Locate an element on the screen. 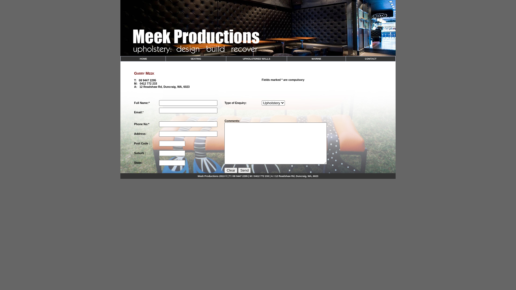  'Preferred method of contact' is located at coordinates (188, 124).